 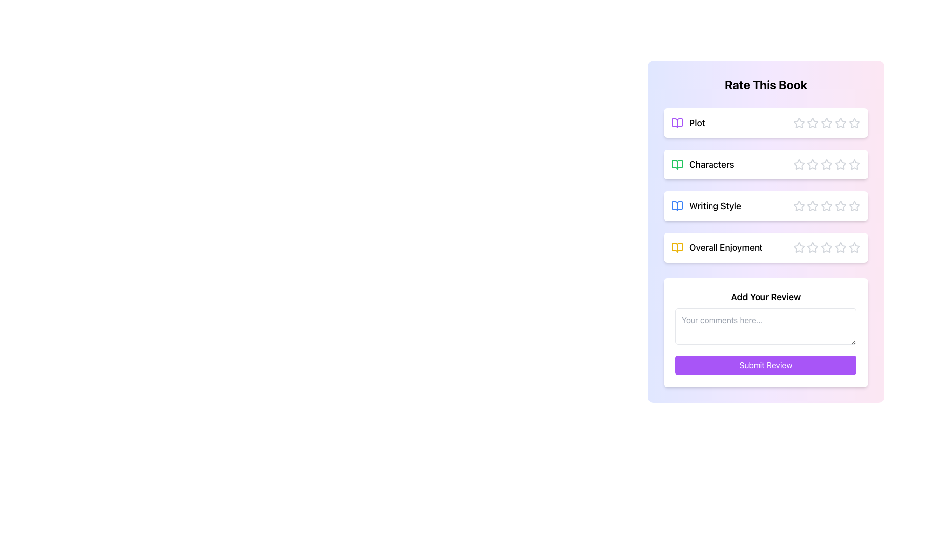 I want to click on the last star icon in the 'Plot' rating section, so click(x=854, y=122).